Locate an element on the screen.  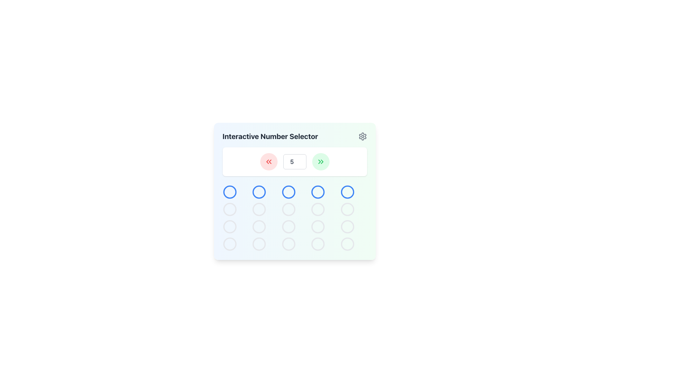
the left chevron icon located next to the number box labeled '5' in the header section, which indicates navigation or progression is located at coordinates (319, 161).